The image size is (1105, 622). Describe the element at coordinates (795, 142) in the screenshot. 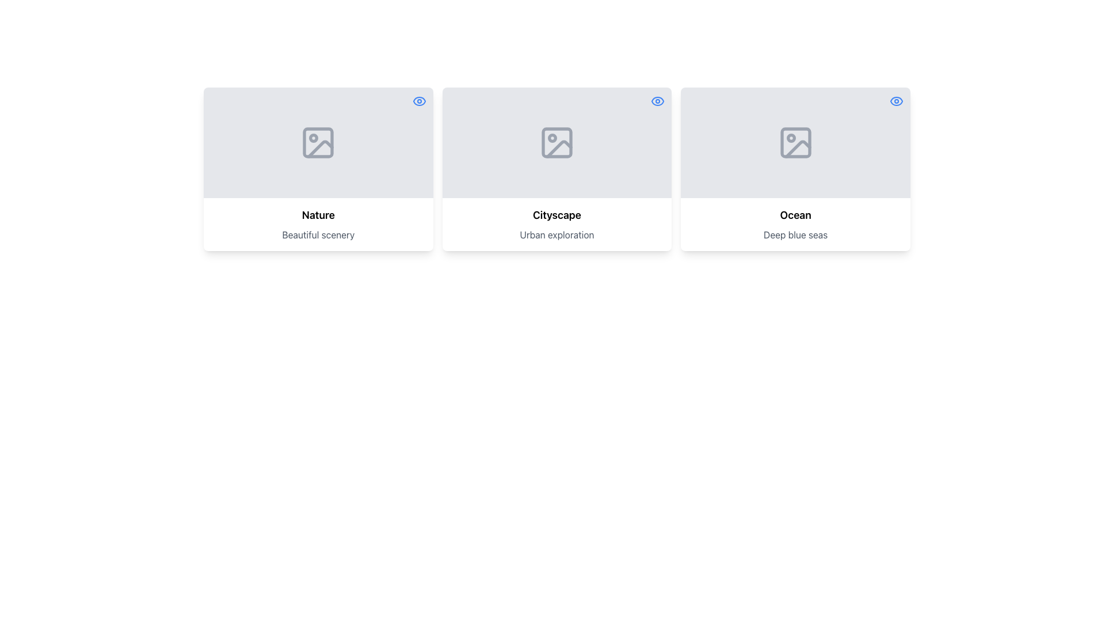

I see `the decorative graphical component that is part of the ocean card icon depicting mountains and a sun, located at the bottom-right section of the layout` at that location.